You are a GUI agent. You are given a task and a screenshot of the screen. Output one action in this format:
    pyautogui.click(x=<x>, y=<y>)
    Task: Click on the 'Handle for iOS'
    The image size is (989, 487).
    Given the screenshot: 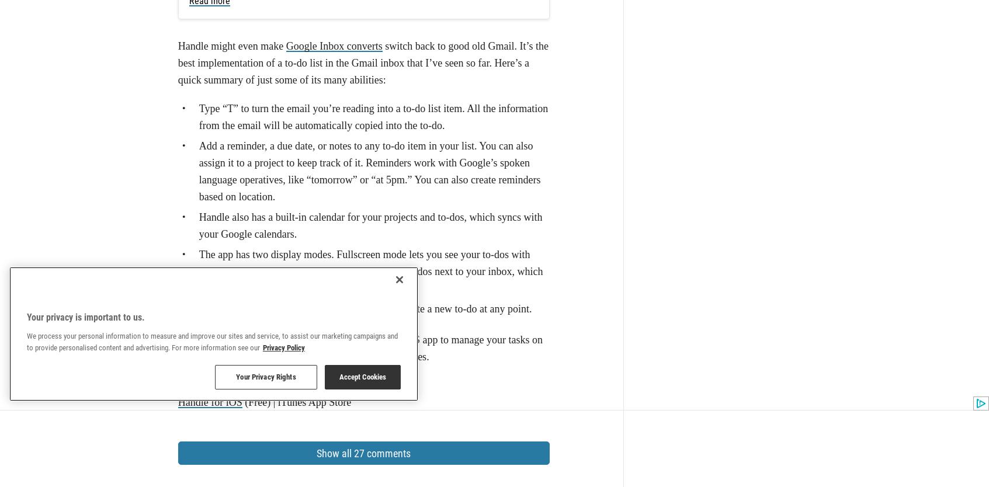 What is the action you would take?
    pyautogui.click(x=177, y=185)
    